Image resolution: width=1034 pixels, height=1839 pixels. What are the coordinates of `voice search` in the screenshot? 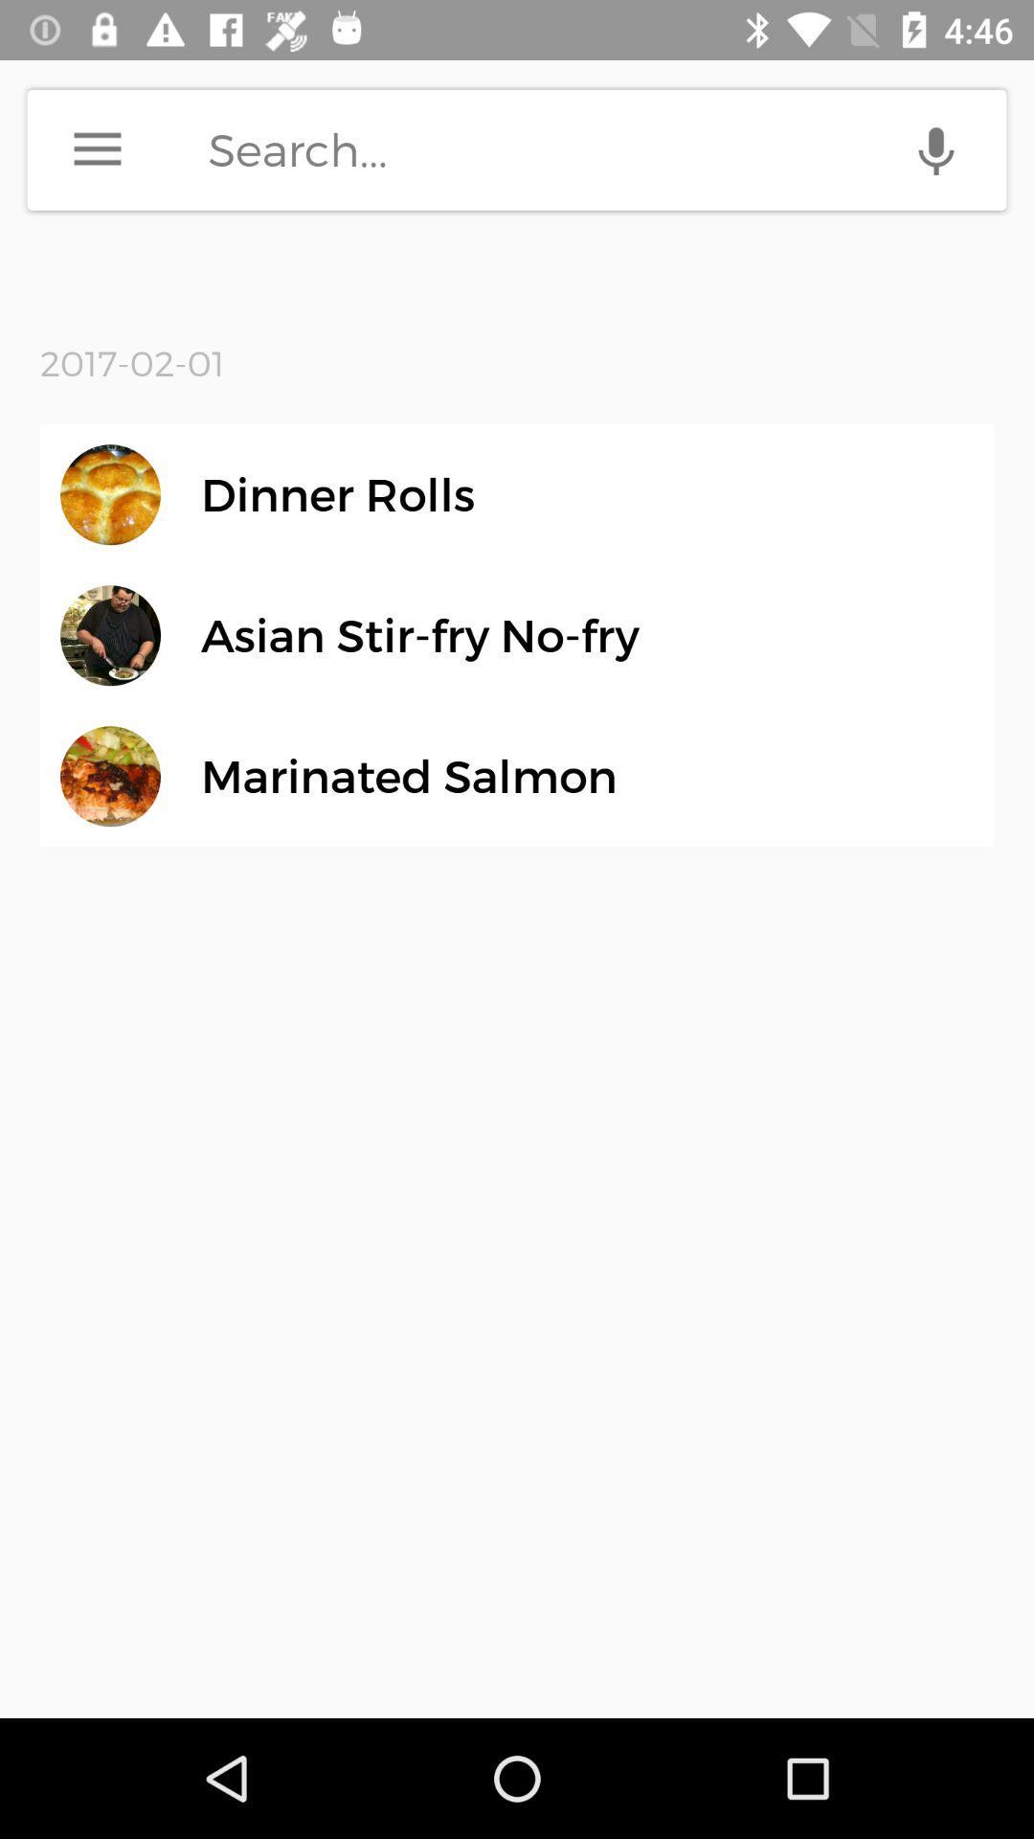 It's located at (935, 148).